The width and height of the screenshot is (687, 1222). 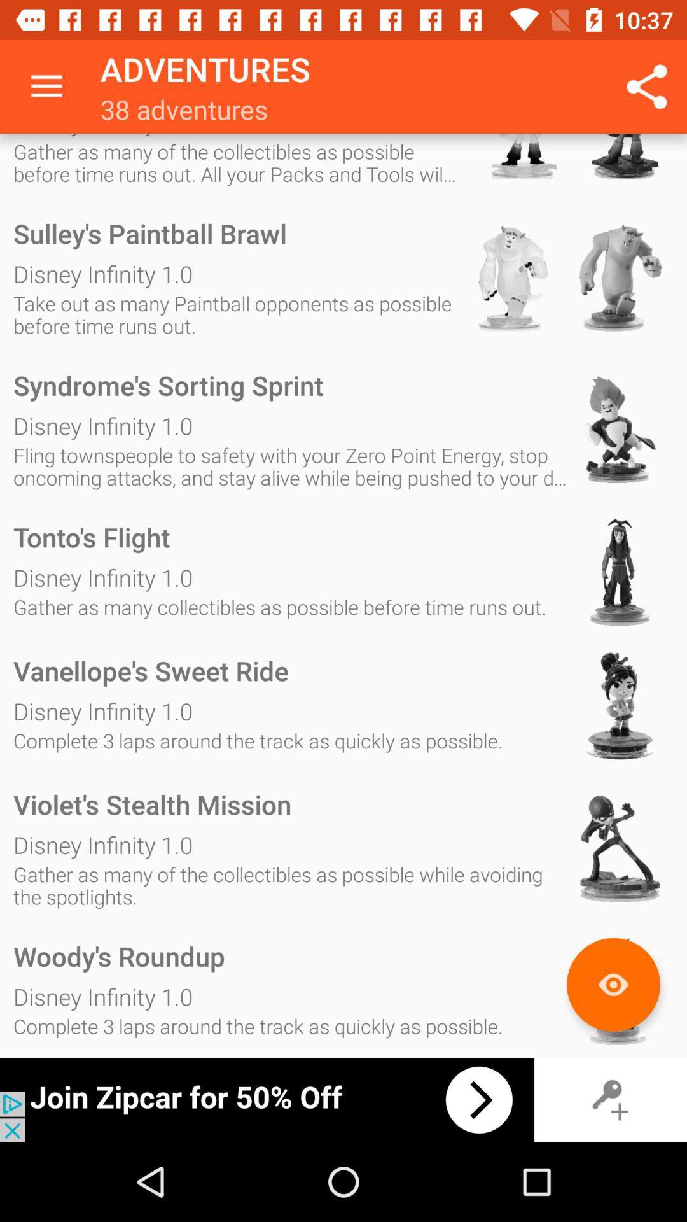 I want to click on advertisement, so click(x=267, y=1099).